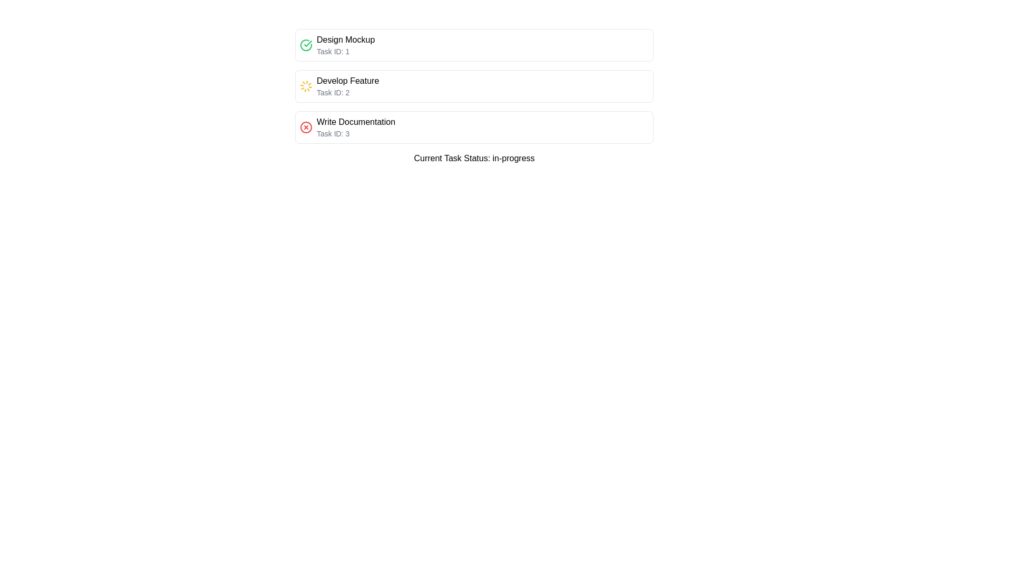 The width and height of the screenshot is (1012, 569). I want to click on the Text item displaying 'Design Mockup' and 'Task ID: 1', which is located in the first row of the task list, positioned to the right of a green checkmark icon, so click(346, 44).